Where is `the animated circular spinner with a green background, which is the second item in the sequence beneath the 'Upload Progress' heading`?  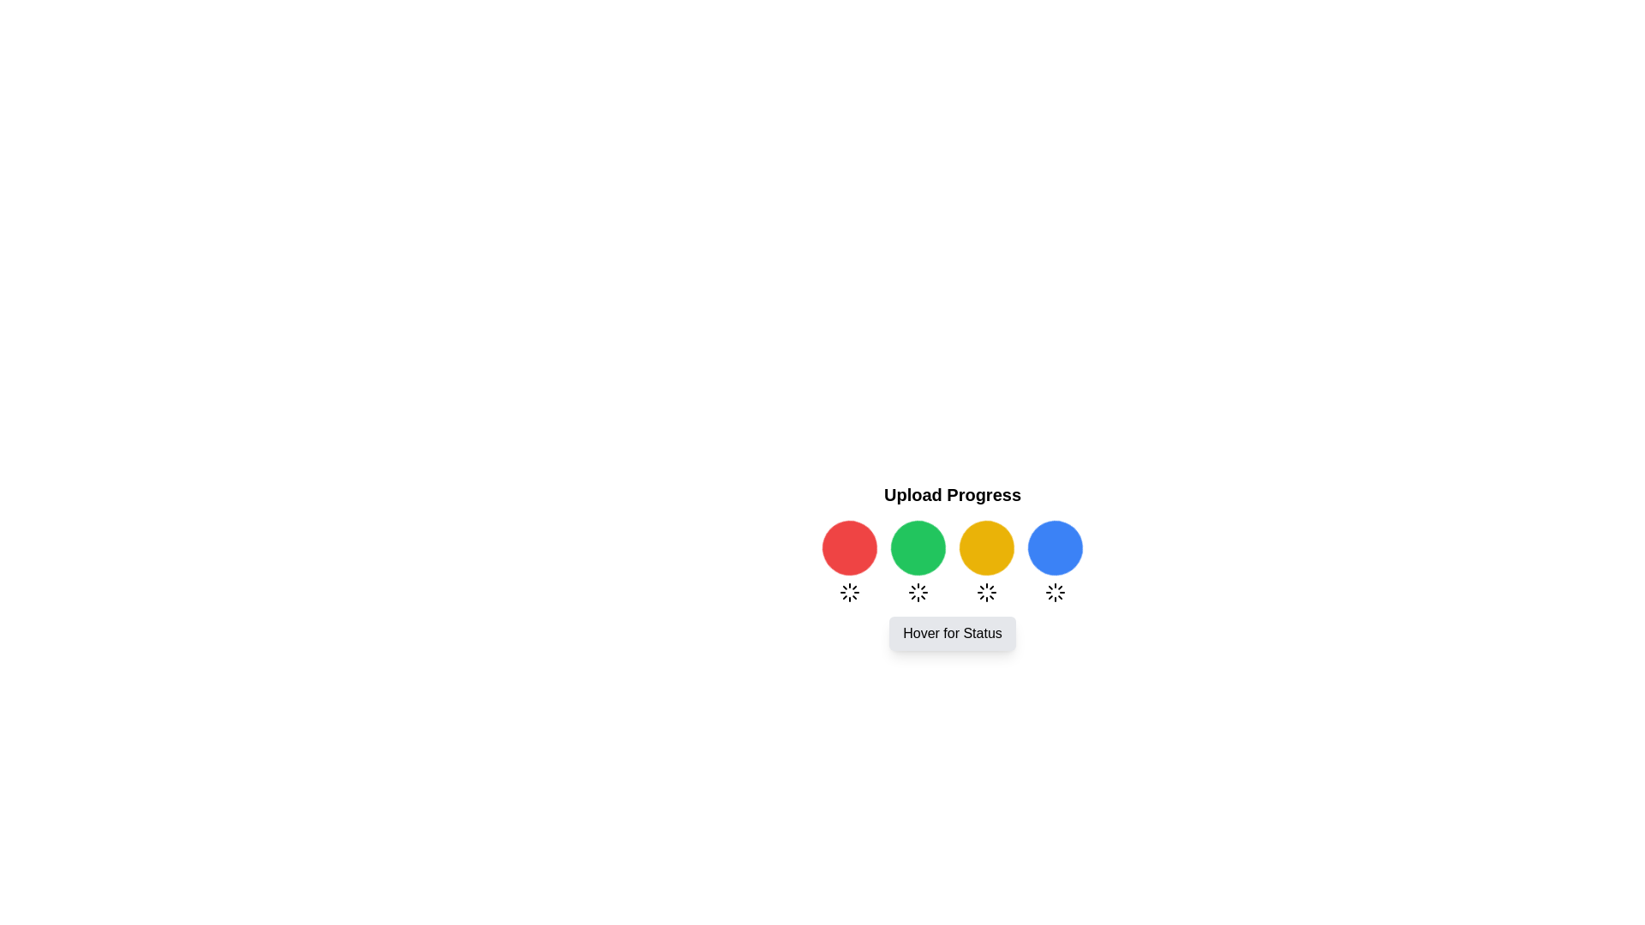
the animated circular spinner with a green background, which is the second item in the sequence beneath the 'Upload Progress' heading is located at coordinates (917, 548).